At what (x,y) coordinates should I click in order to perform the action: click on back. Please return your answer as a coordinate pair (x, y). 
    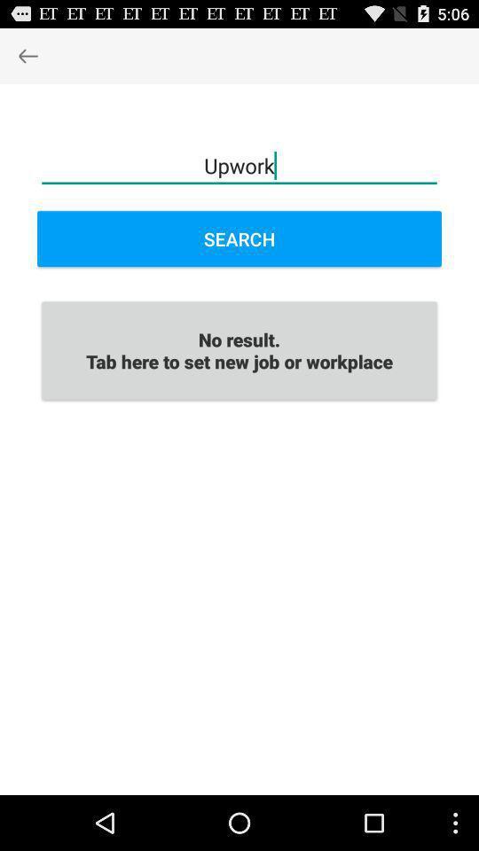
    Looking at the image, I should click on (27, 55).